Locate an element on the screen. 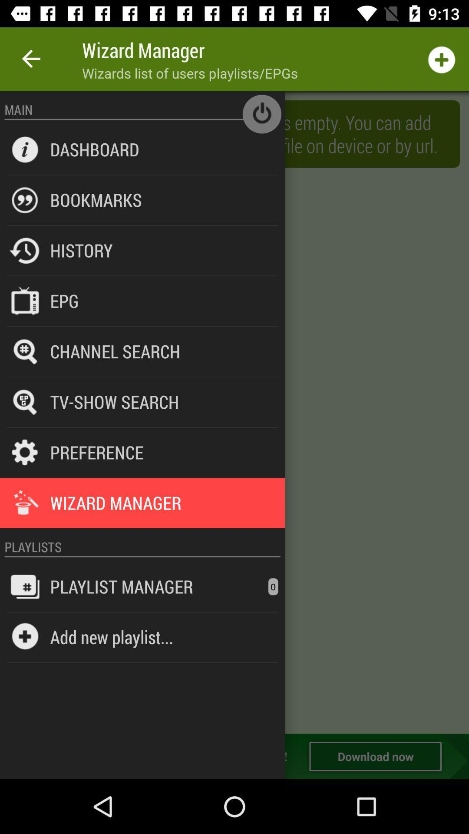  history item is located at coordinates (81, 250).